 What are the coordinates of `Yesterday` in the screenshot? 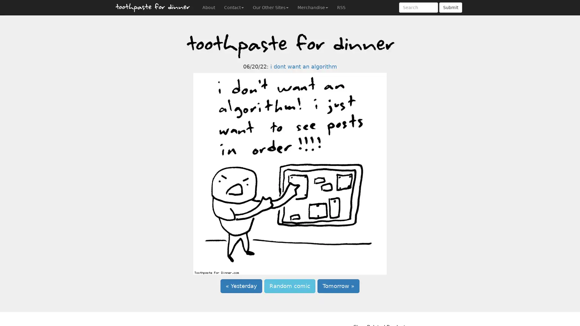 It's located at (241, 286).